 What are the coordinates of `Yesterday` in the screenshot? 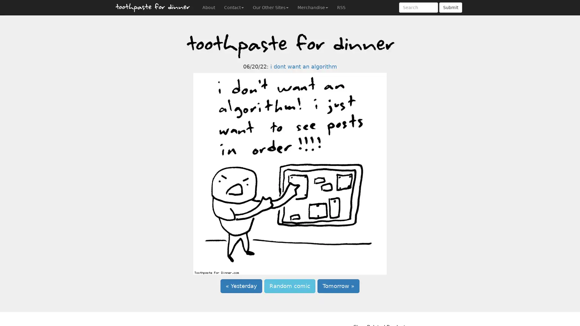 It's located at (241, 286).